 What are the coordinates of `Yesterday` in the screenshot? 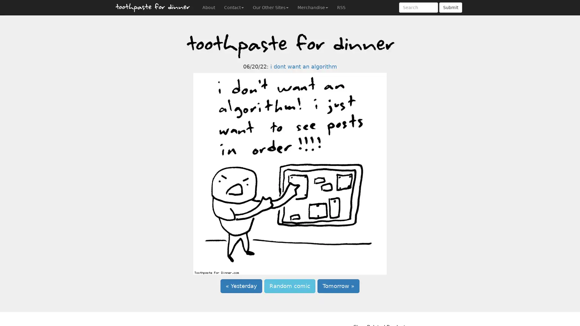 It's located at (241, 286).